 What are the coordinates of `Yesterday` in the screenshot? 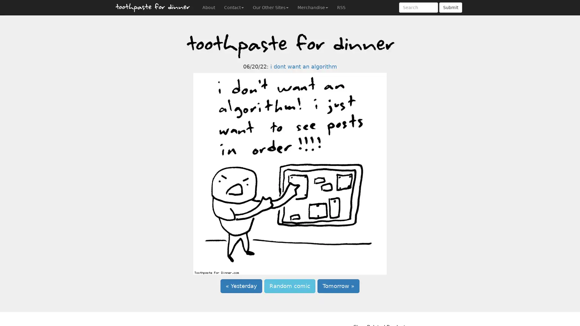 It's located at (241, 286).